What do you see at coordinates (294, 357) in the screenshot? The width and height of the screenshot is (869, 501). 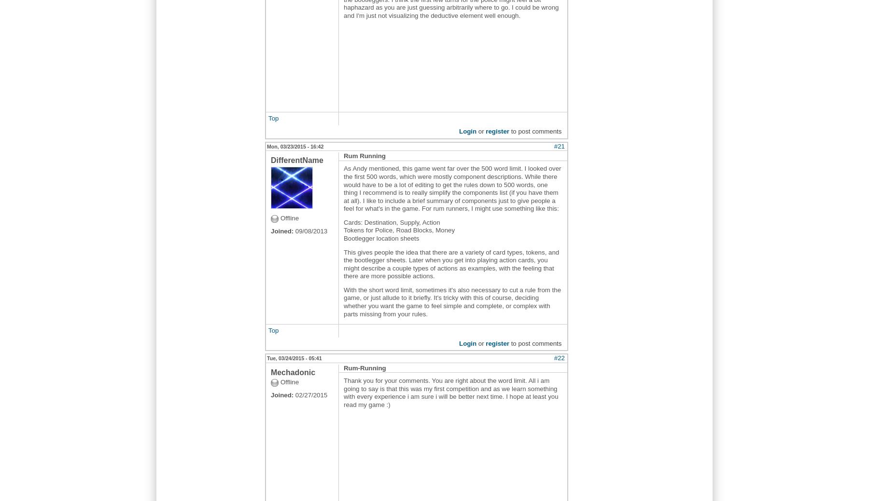 I see `'Tue, 03/24/2015 - 05:41'` at bounding box center [294, 357].